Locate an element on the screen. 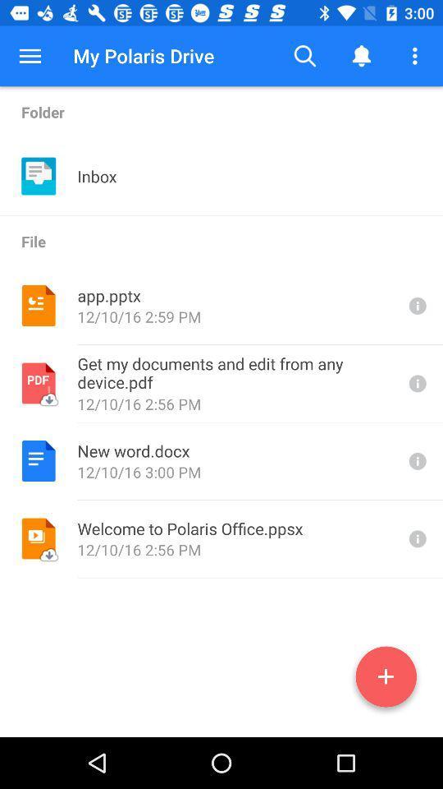  more information is located at coordinates (416, 538).